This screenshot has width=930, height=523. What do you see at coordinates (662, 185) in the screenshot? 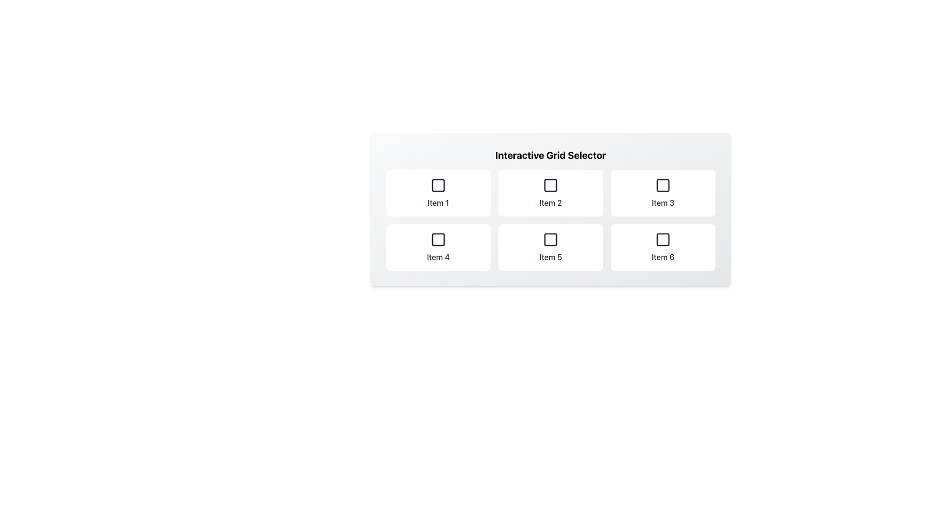
I see `the icon at the center of the 'Item 3' card` at bounding box center [662, 185].